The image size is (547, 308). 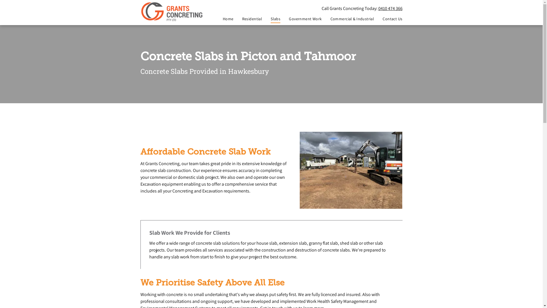 I want to click on 'Residential', so click(x=234, y=19).